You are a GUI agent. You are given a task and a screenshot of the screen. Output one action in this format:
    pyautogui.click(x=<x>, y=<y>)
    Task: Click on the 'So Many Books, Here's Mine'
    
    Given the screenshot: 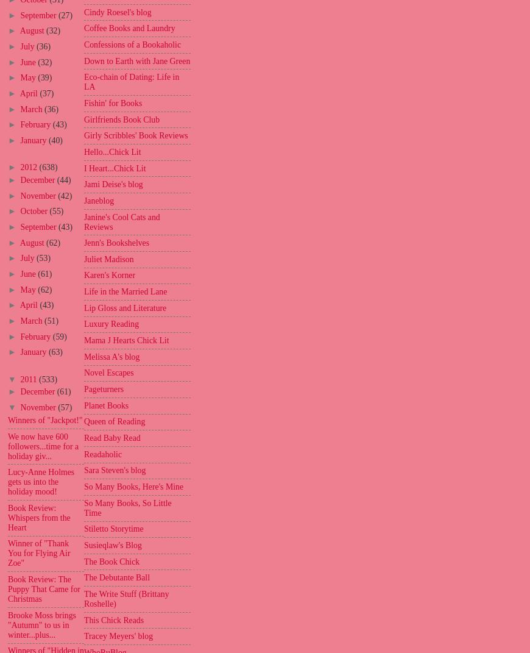 What is the action you would take?
    pyautogui.click(x=133, y=486)
    